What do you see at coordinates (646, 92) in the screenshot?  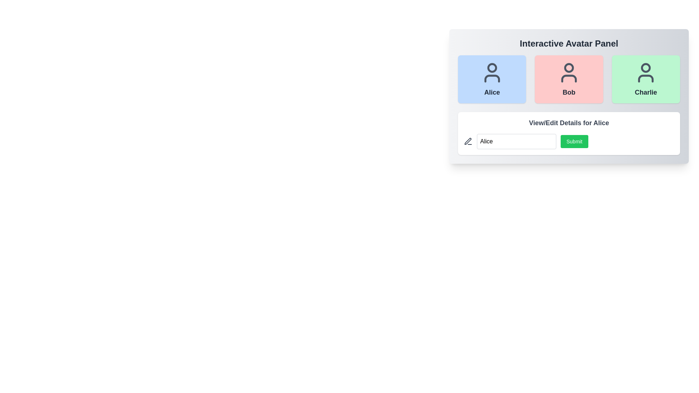 I see `the text label displaying the name 'Charlie' within the card in the 'Interactive Avatar Panel' interface` at bounding box center [646, 92].